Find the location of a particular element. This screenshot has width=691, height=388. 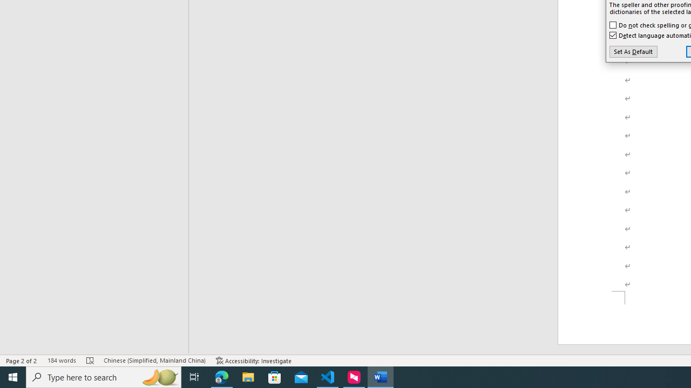

'Set As Default' is located at coordinates (633, 52).